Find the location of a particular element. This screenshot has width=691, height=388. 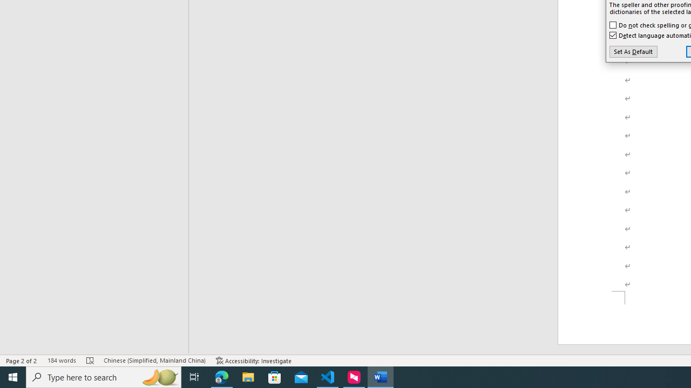

'Set As Default' is located at coordinates (633, 52).